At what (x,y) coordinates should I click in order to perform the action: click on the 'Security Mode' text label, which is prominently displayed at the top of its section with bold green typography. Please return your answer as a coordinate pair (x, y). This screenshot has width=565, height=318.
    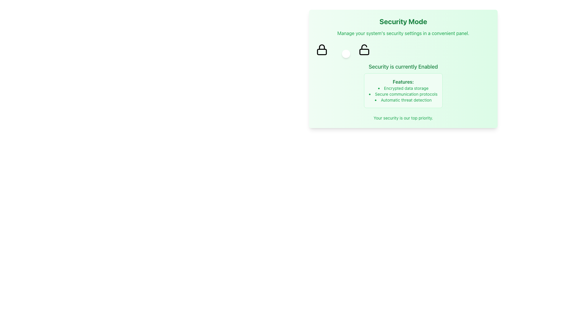
    Looking at the image, I should click on (403, 21).